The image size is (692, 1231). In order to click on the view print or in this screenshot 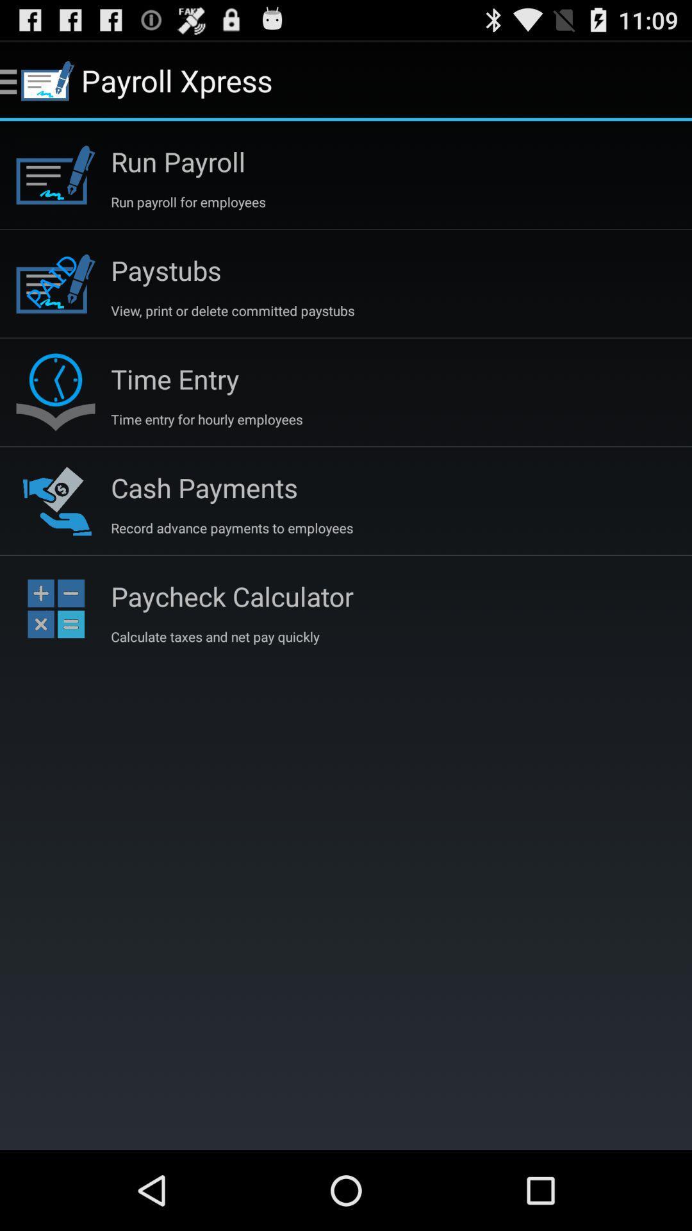, I will do `click(233, 310)`.